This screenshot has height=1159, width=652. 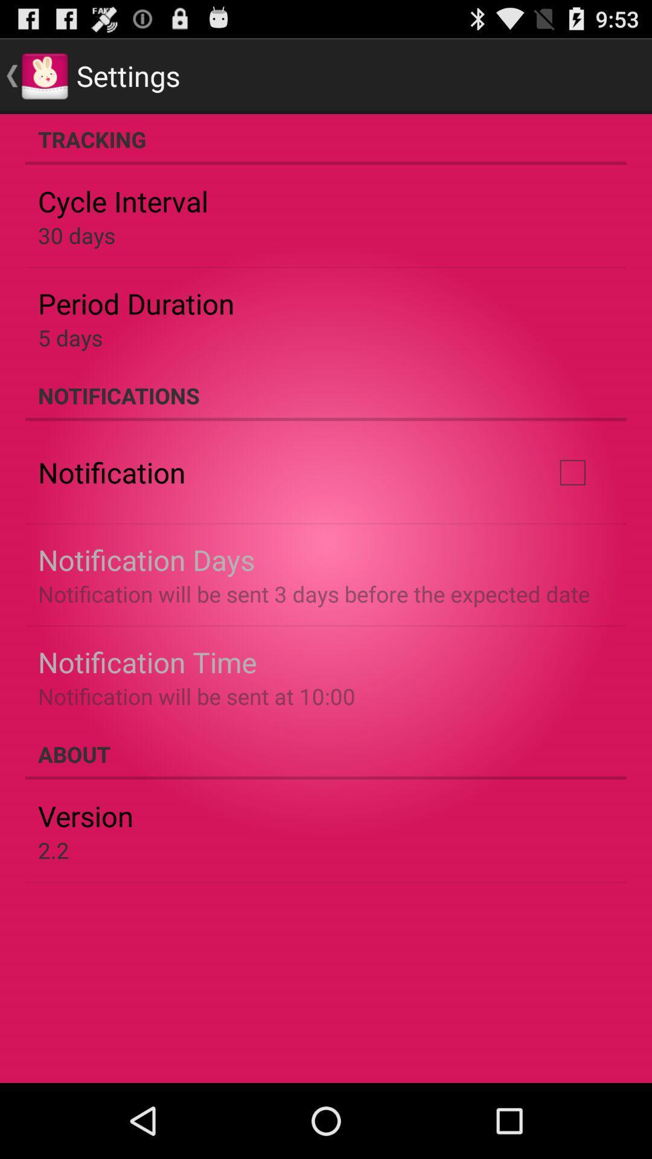 I want to click on tracking app, so click(x=326, y=139).